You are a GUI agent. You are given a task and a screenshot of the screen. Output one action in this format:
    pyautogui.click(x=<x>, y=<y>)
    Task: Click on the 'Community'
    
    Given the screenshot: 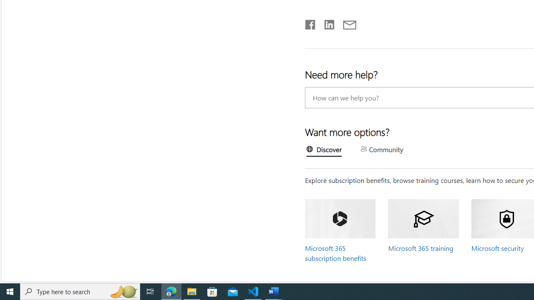 What is the action you would take?
    pyautogui.click(x=381, y=150)
    